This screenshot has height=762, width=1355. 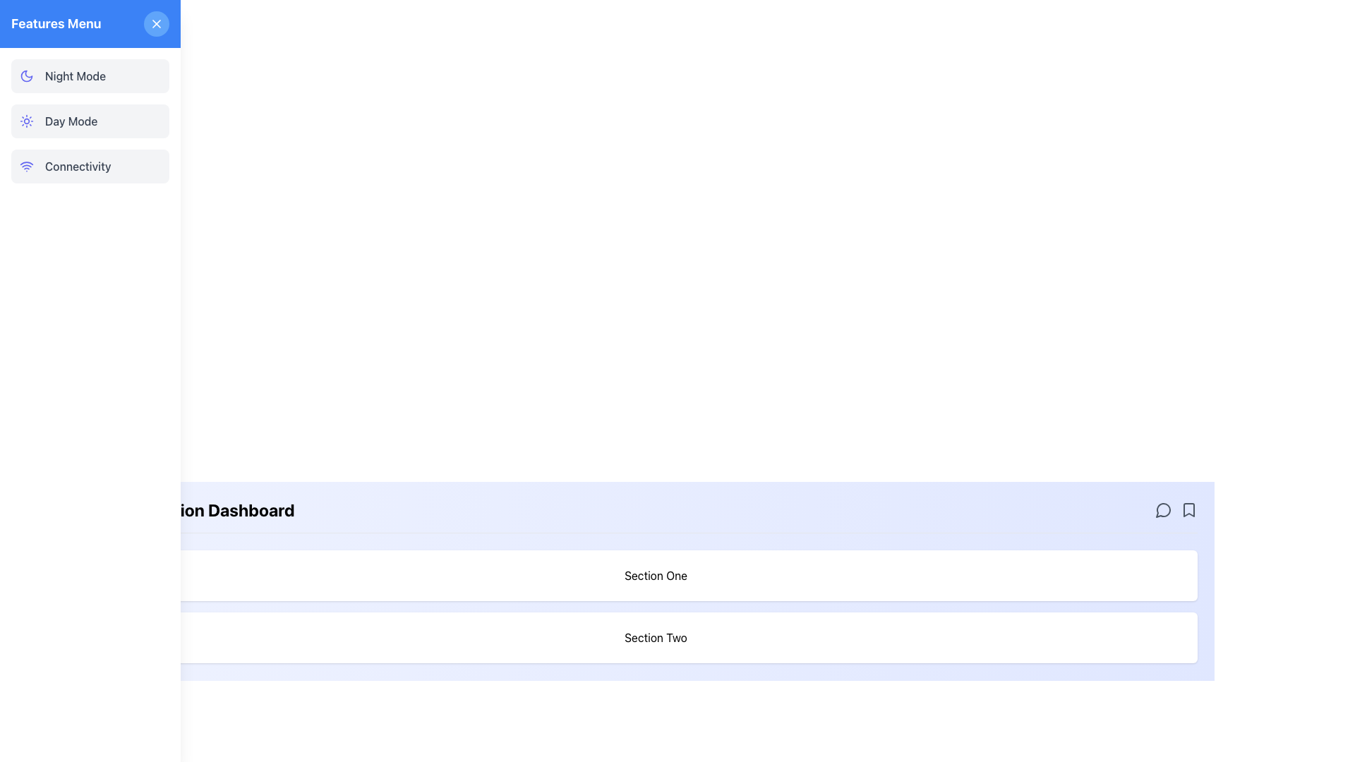 What do you see at coordinates (90, 165) in the screenshot?
I see `the 'Connectivity' button, which is the third item in the vertically stacked list of menu options located in the left side panel, directly below 'Day Mode'` at bounding box center [90, 165].